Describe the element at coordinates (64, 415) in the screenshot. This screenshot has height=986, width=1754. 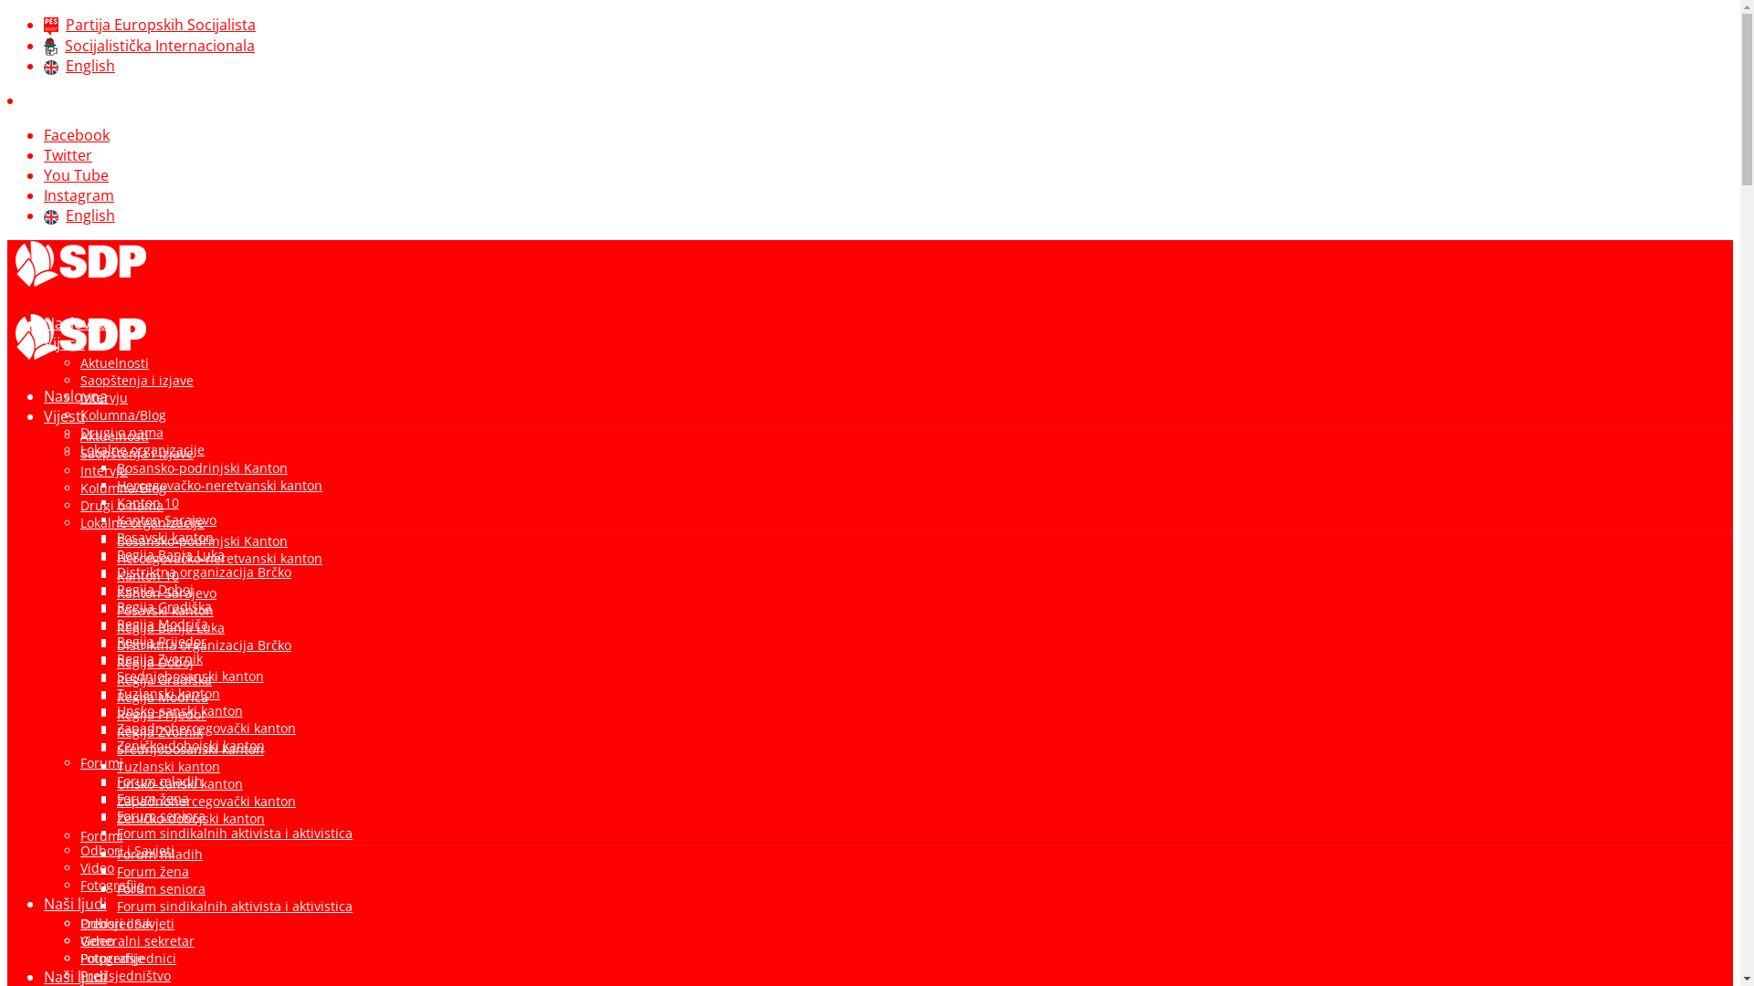
I see `'Vijesti'` at that location.